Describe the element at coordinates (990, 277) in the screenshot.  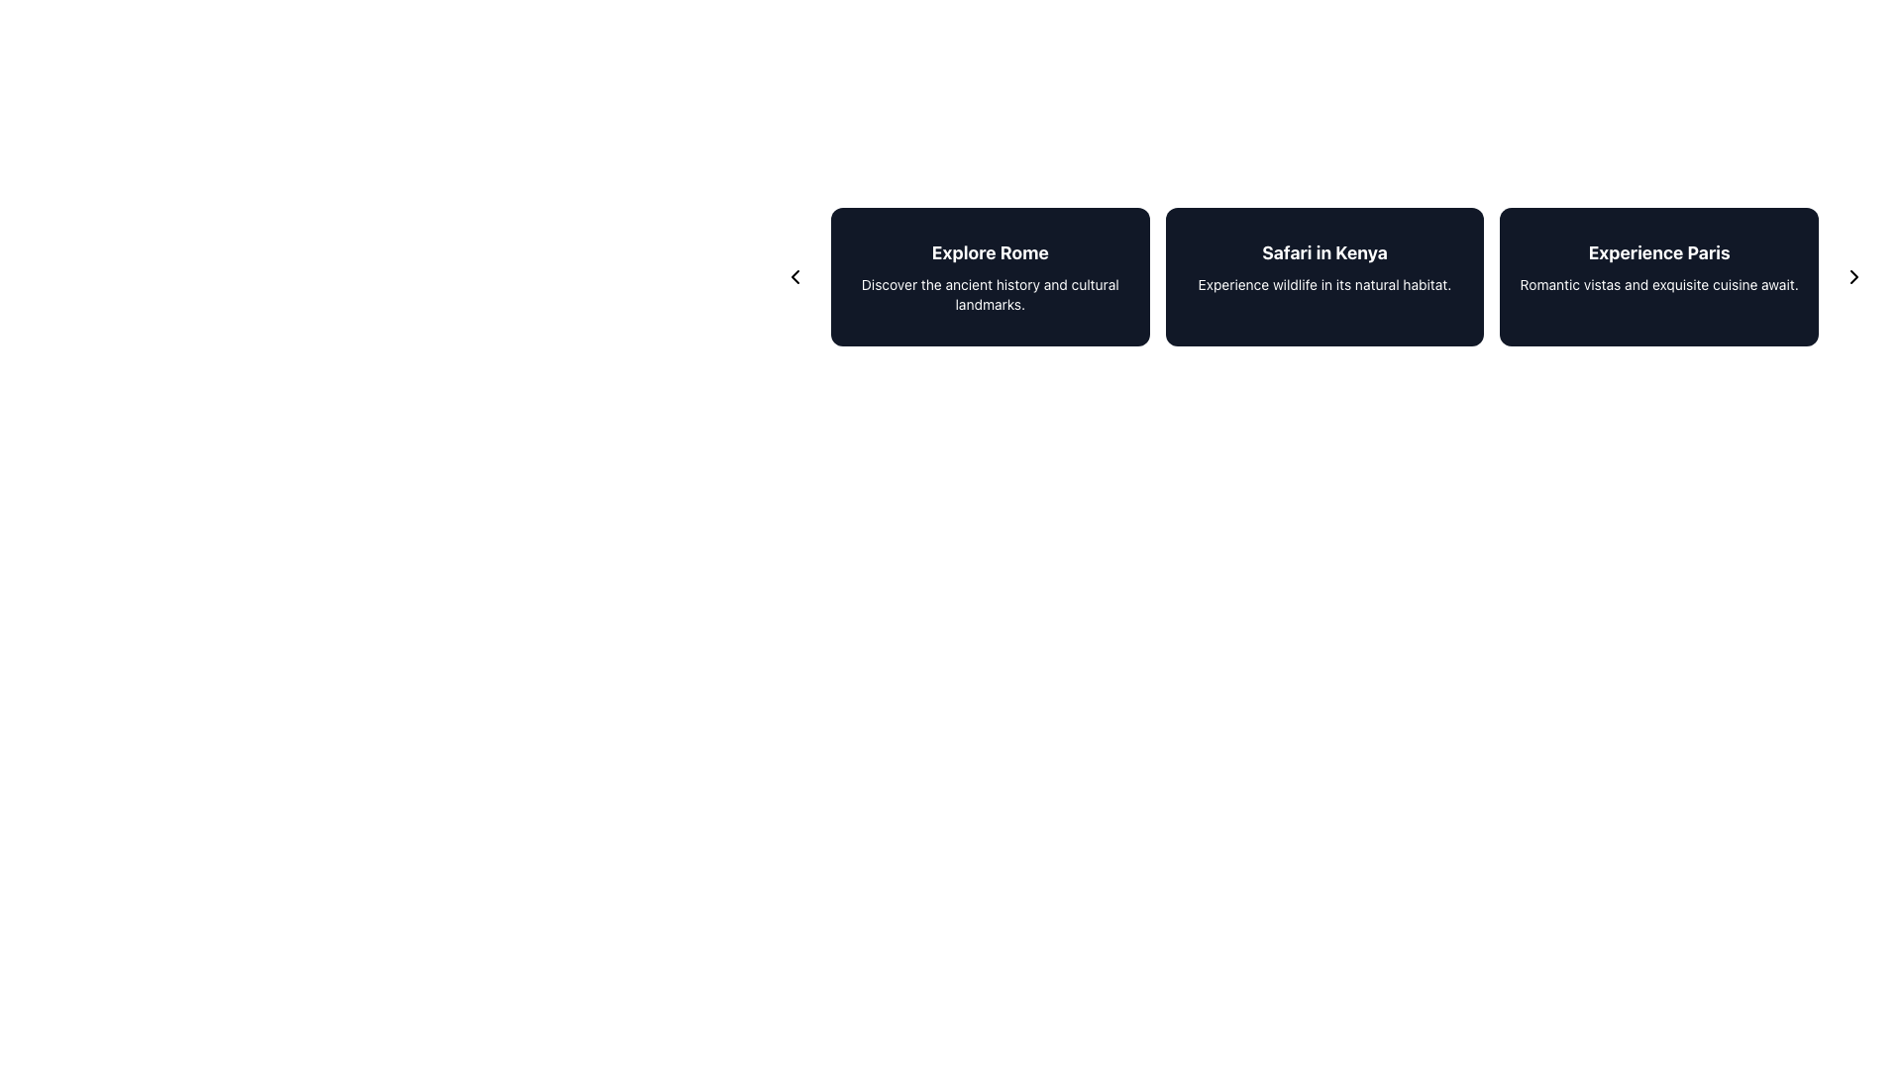
I see `information from the text block within the stylized card about exploring Rome, which serves as a descriptive label providing a title and a short description` at that location.